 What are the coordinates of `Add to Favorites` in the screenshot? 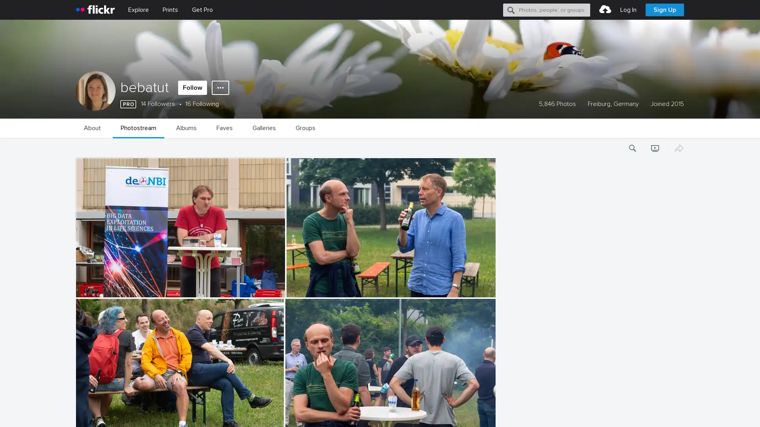 It's located at (665, 286).